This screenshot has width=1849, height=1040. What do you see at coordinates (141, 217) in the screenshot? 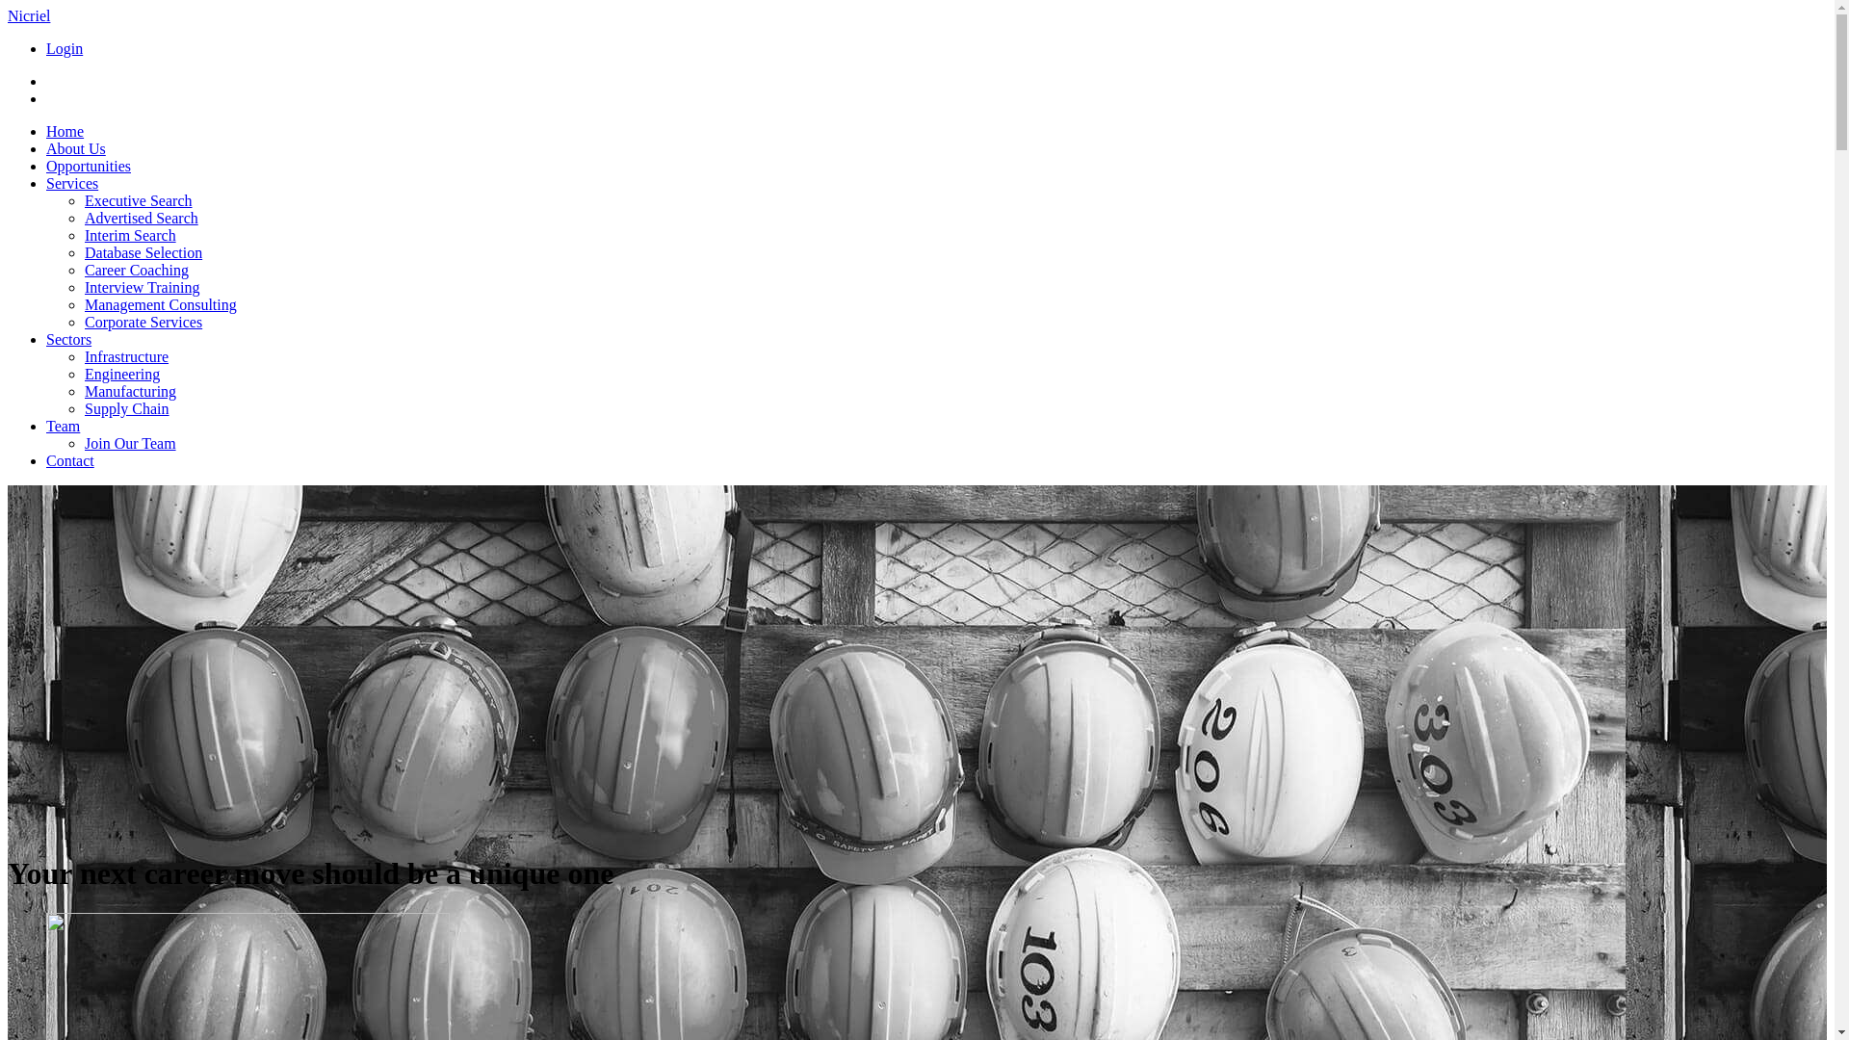
I see `'Advertised Search'` at bounding box center [141, 217].